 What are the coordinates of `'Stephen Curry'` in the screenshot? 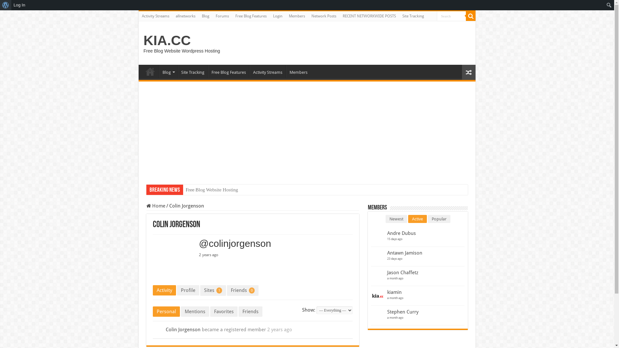 It's located at (387, 312).